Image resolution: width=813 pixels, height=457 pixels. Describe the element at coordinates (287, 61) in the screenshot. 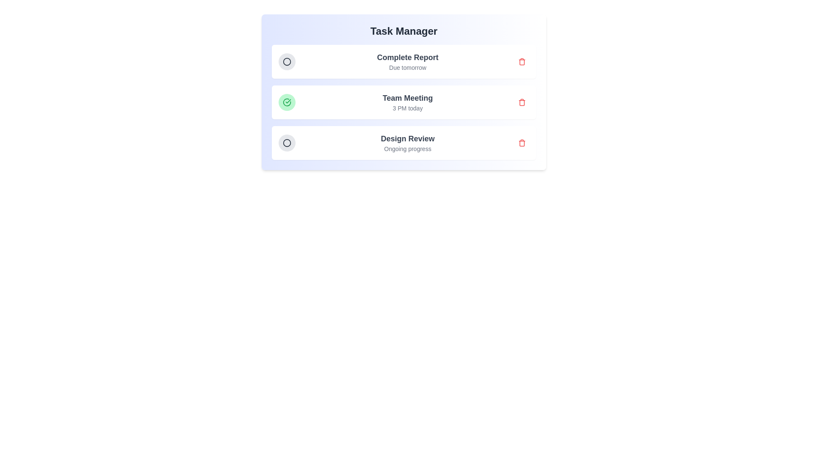

I see `the graphical icon (circle with no fill) located in the first row of the task list, aligned with the task titled 'Complete Report', to interact with it` at that location.